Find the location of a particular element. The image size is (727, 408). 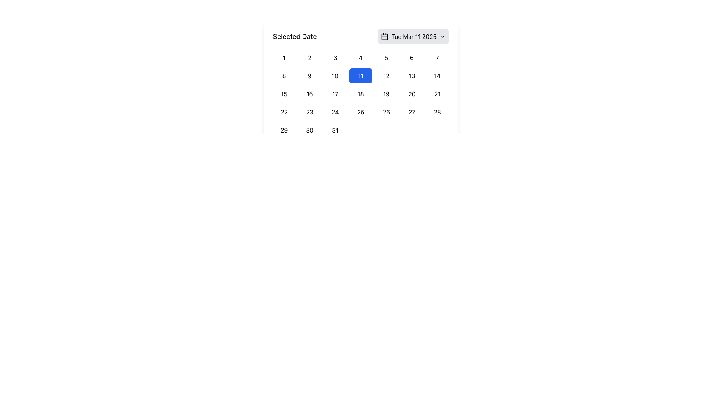

the calendar day cell representing the 23rd day of the month is located at coordinates (310, 112).